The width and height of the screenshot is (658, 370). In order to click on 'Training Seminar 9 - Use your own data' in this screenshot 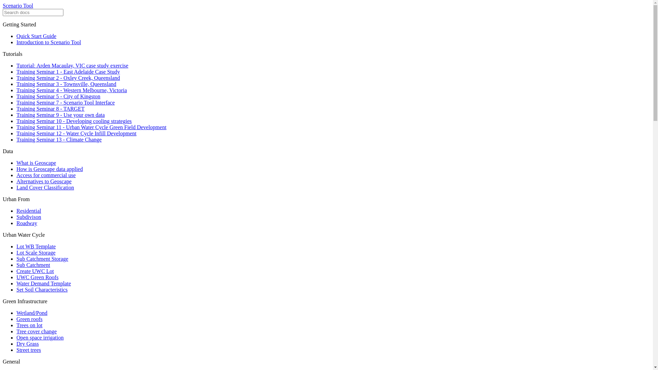, I will do `click(61, 114)`.